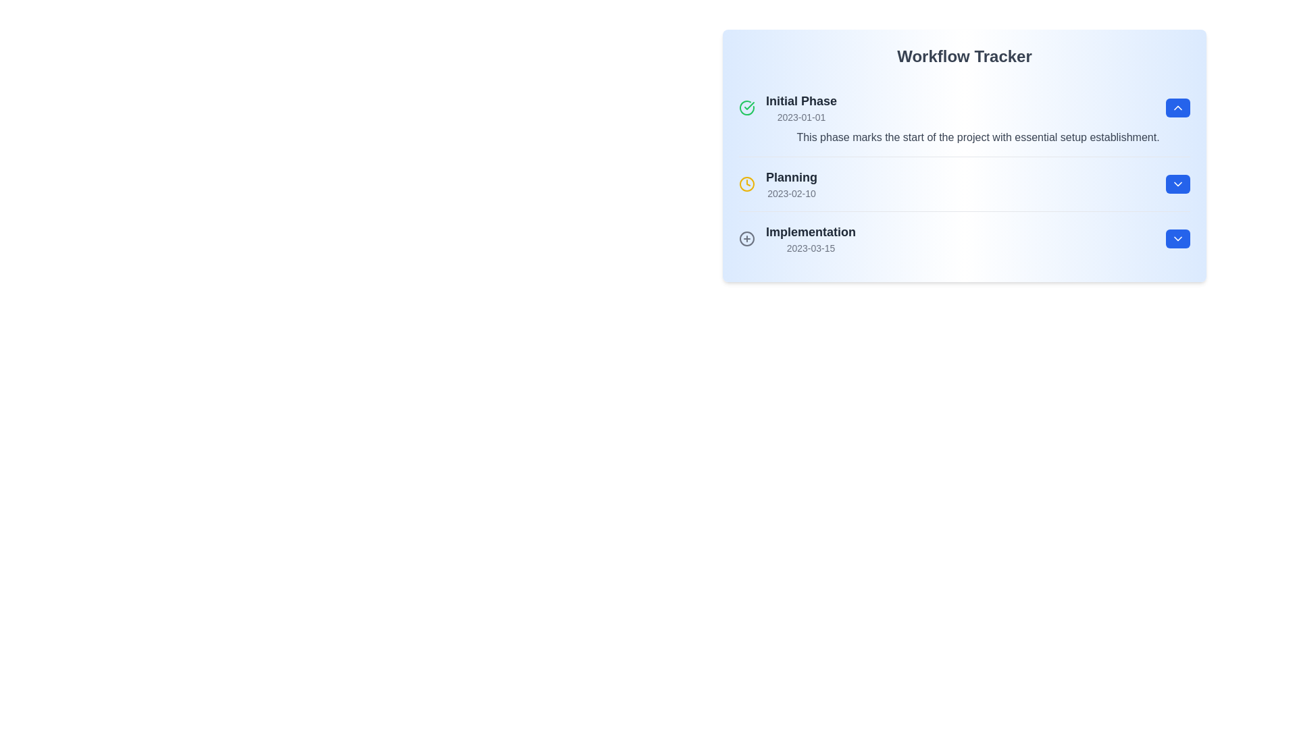 The width and height of the screenshot is (1297, 729). Describe the element at coordinates (801, 107) in the screenshot. I see `text from the Text label in the 'Workflow Tracker' section, located to the right of the circular green checkmark icon` at that location.